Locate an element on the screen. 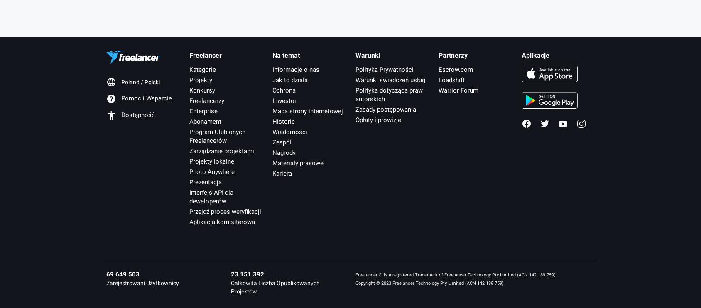  'Photo Anywhere' is located at coordinates (211, 171).